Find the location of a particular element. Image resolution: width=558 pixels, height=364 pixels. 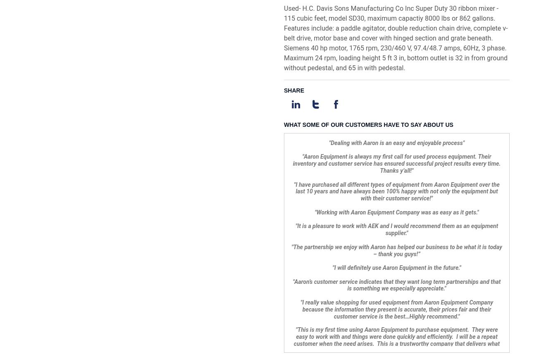

'"Aaron’s customer service indicates that they want long term partnerships and that is something we especially appreciate."' is located at coordinates (396, 31).